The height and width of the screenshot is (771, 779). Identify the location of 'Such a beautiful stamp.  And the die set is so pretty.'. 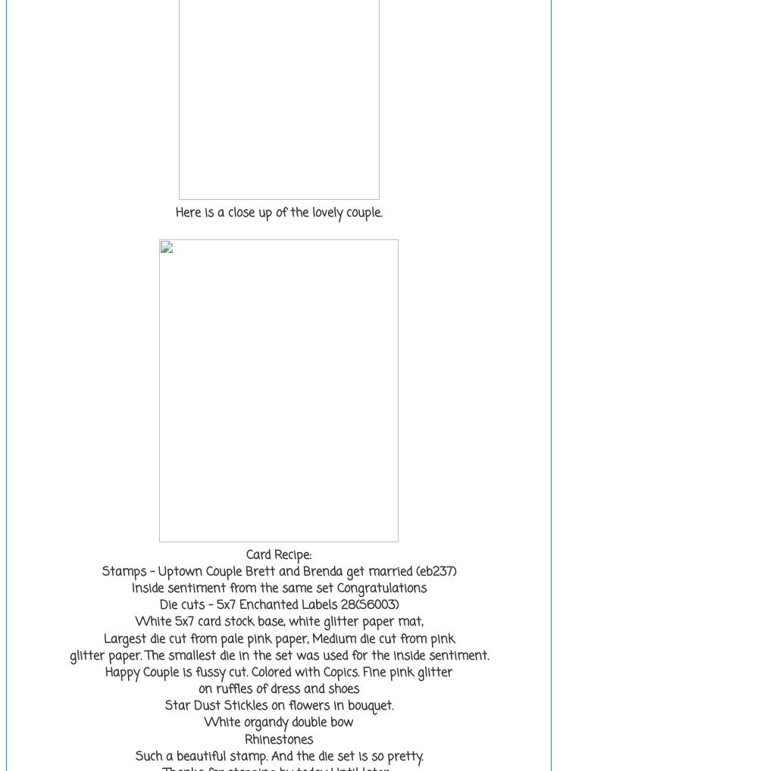
(277, 756).